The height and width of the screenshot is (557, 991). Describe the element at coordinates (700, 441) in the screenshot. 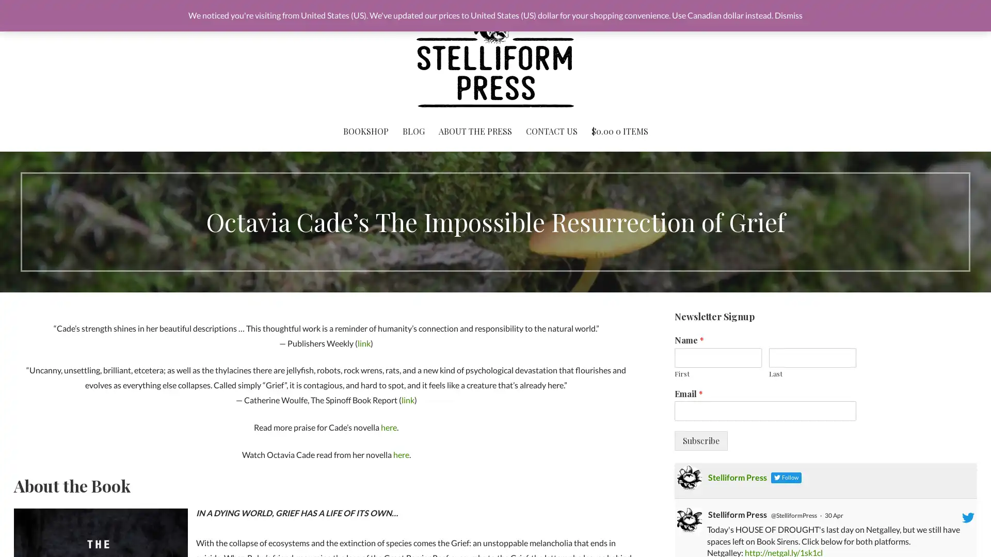

I see `Subscribe` at that location.